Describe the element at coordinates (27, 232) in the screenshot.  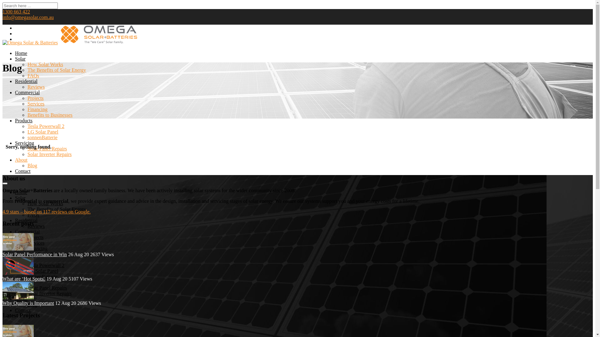
I see `'Commercial'` at that location.